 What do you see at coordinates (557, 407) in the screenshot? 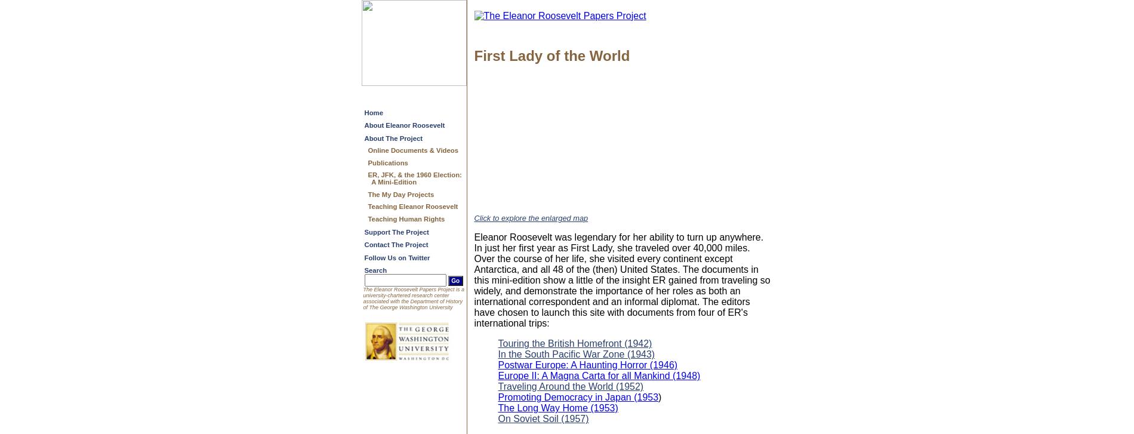
I see `'The Long Way Home (1953)'` at bounding box center [557, 407].